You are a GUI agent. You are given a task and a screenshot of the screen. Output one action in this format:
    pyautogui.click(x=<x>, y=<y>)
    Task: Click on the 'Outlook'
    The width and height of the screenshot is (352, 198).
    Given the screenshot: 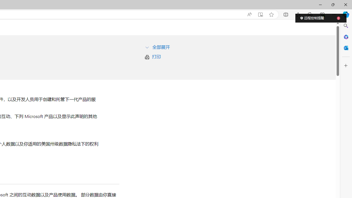 What is the action you would take?
    pyautogui.click(x=346, y=48)
    